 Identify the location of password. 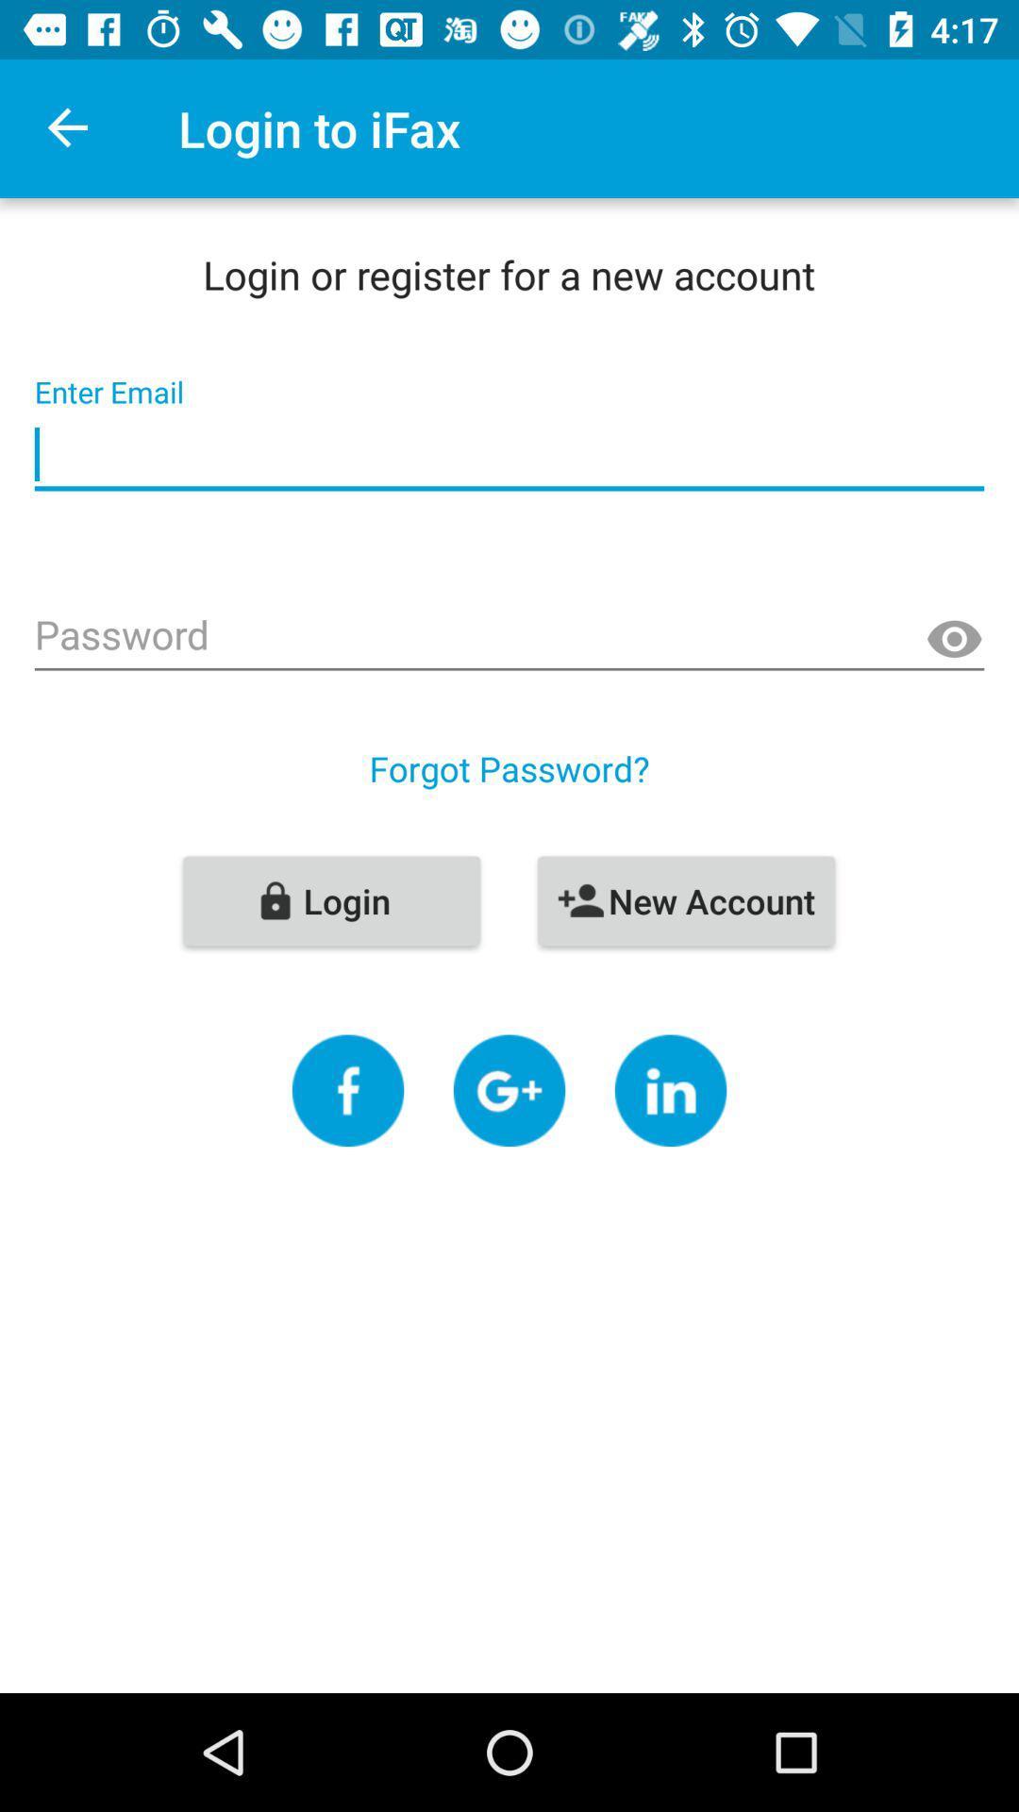
(509, 637).